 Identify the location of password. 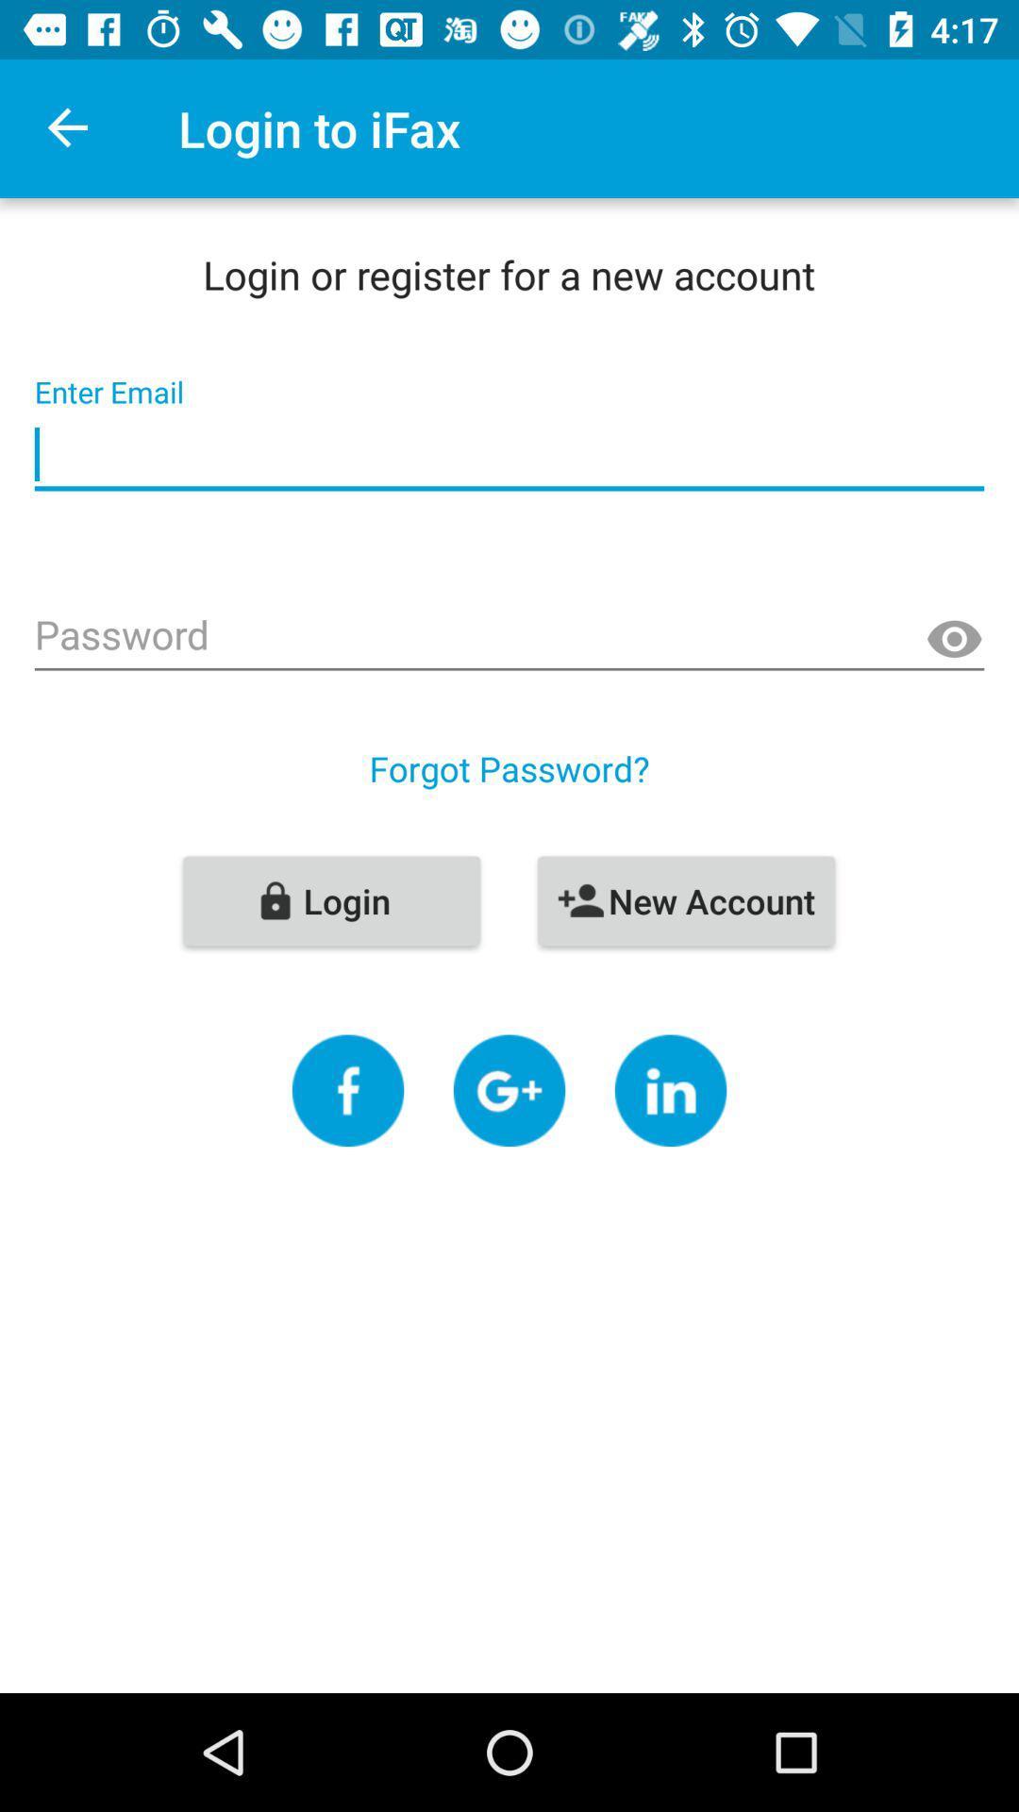
(509, 637).